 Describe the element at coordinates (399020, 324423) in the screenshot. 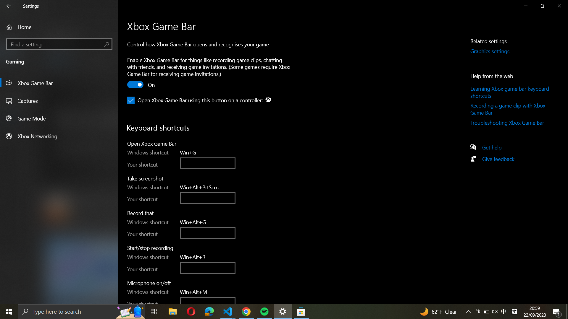

I see `Configure the keyboard combination "Win+M" to control the microphone"s on/off feature` at that location.